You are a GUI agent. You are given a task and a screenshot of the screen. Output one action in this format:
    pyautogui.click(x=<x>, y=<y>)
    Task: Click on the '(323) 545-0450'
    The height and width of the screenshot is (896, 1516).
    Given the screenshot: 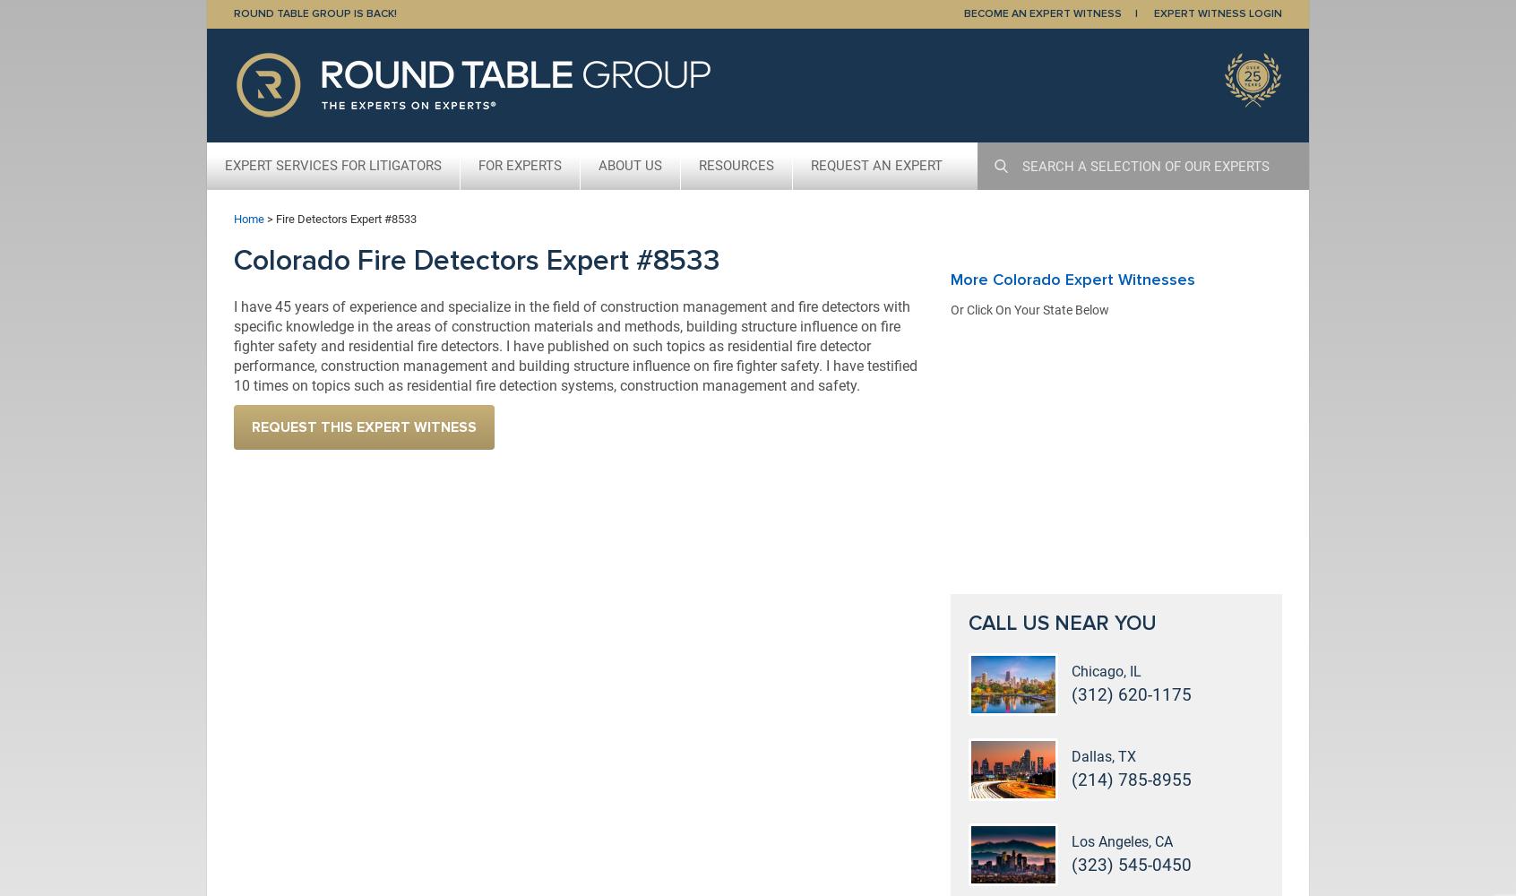 What is the action you would take?
    pyautogui.click(x=1071, y=864)
    